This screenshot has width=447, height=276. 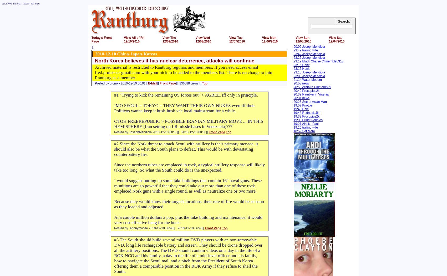 What do you see at coordinates (134, 39) in the screenshot?
I see `'View All of Fri 12/10/2010'` at bounding box center [134, 39].